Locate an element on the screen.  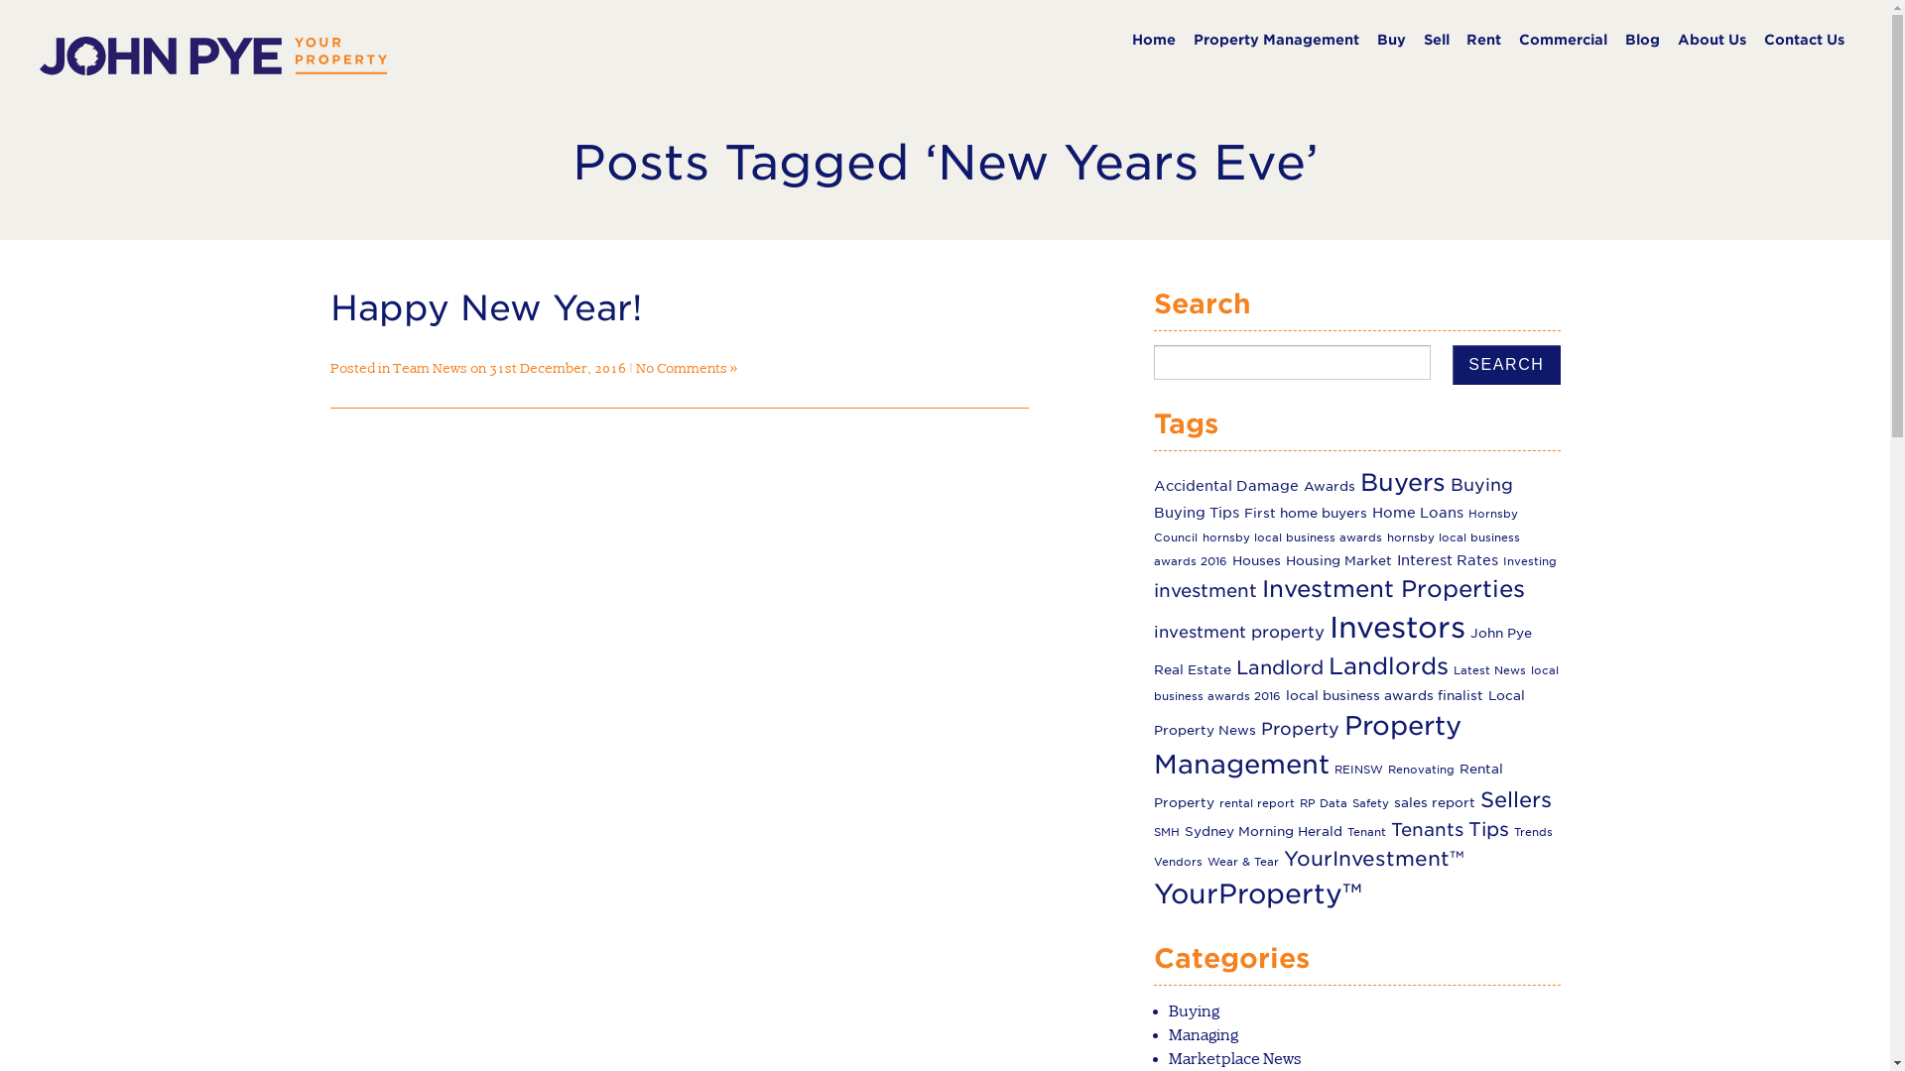
'Local Property News' is located at coordinates (1338, 711).